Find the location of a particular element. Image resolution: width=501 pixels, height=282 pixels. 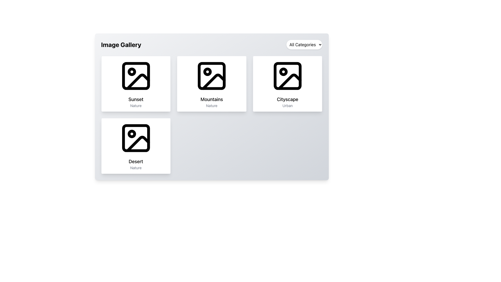

the thumbnail of the 'Cityscape Urban' image, which is represented by a small rectangular shape with rounded corners in the image gallery is located at coordinates (287, 76).